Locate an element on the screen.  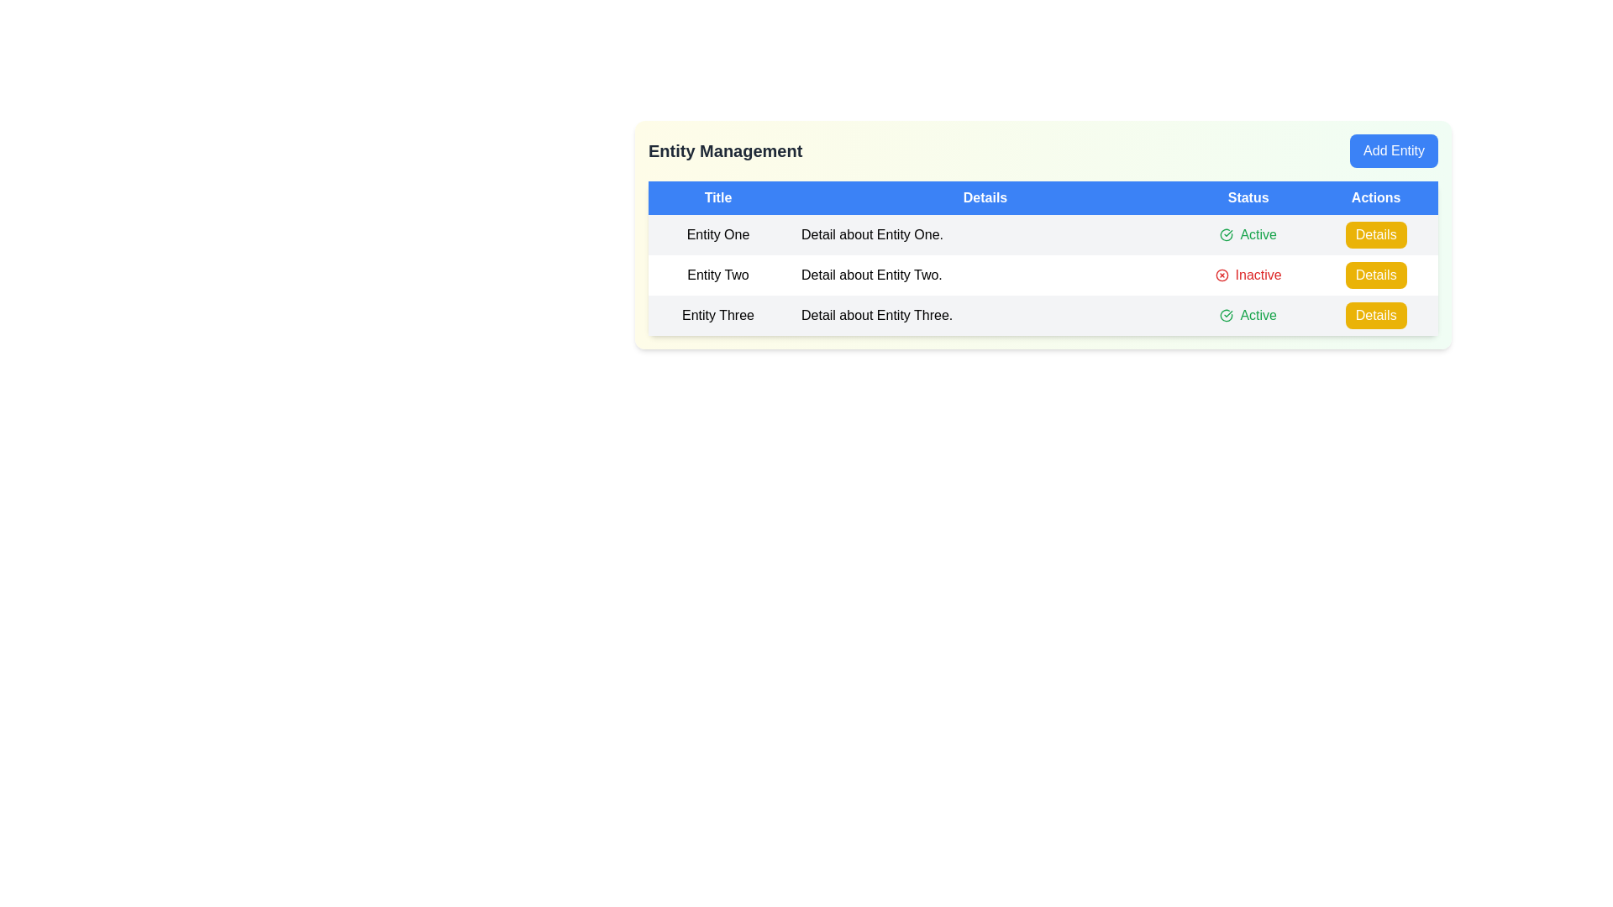
the 'Actions' header label at the top of the table, which is the last among the four header labels: 'Title', 'Details', 'Status', and 'Actions' is located at coordinates (1376, 197).